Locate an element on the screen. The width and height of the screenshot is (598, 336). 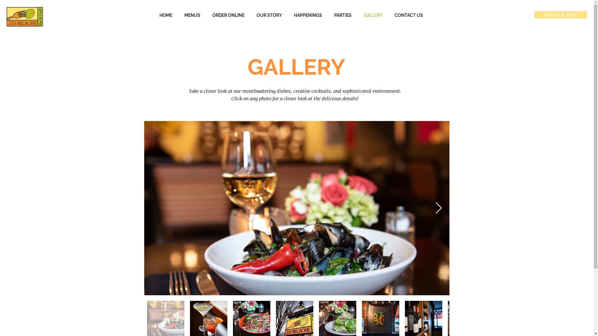
'HOME' is located at coordinates (166, 15).